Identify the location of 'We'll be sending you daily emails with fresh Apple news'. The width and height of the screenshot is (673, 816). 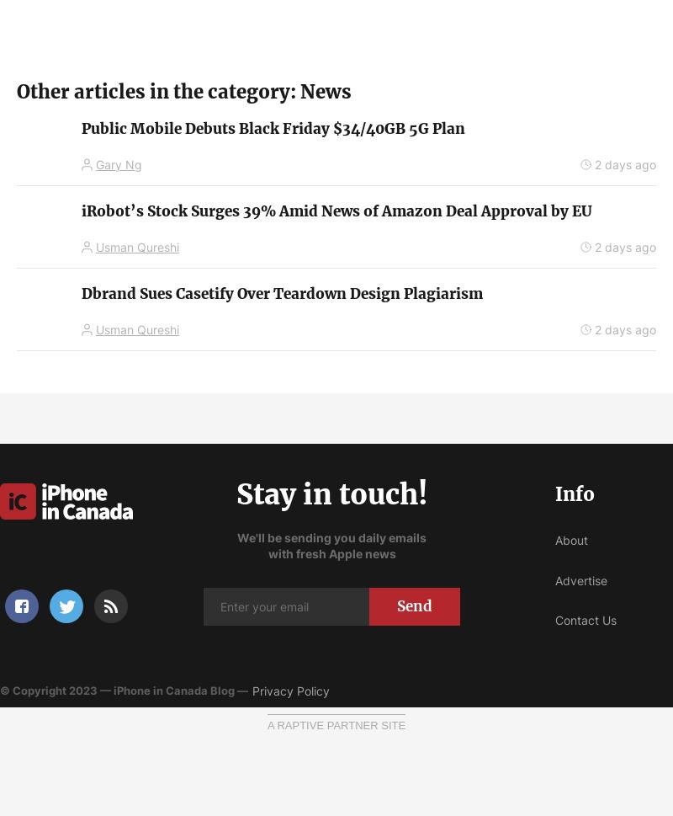
(331, 545).